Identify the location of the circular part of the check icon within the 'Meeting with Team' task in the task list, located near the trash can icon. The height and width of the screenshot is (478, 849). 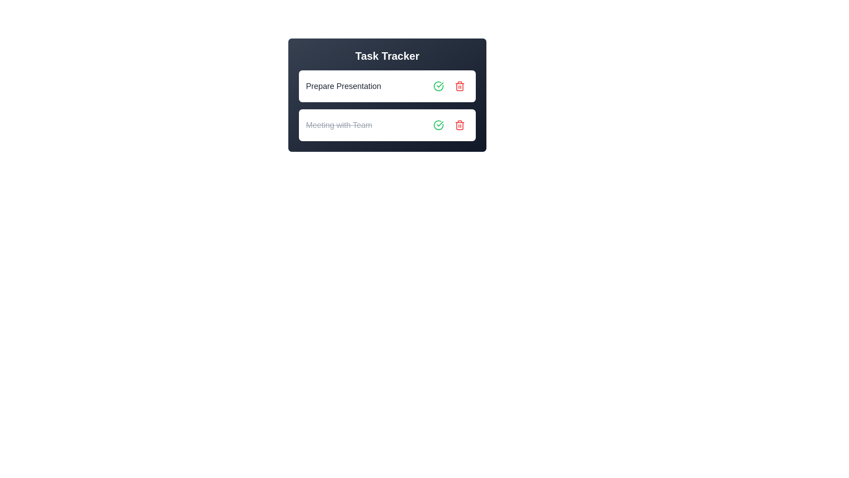
(439, 125).